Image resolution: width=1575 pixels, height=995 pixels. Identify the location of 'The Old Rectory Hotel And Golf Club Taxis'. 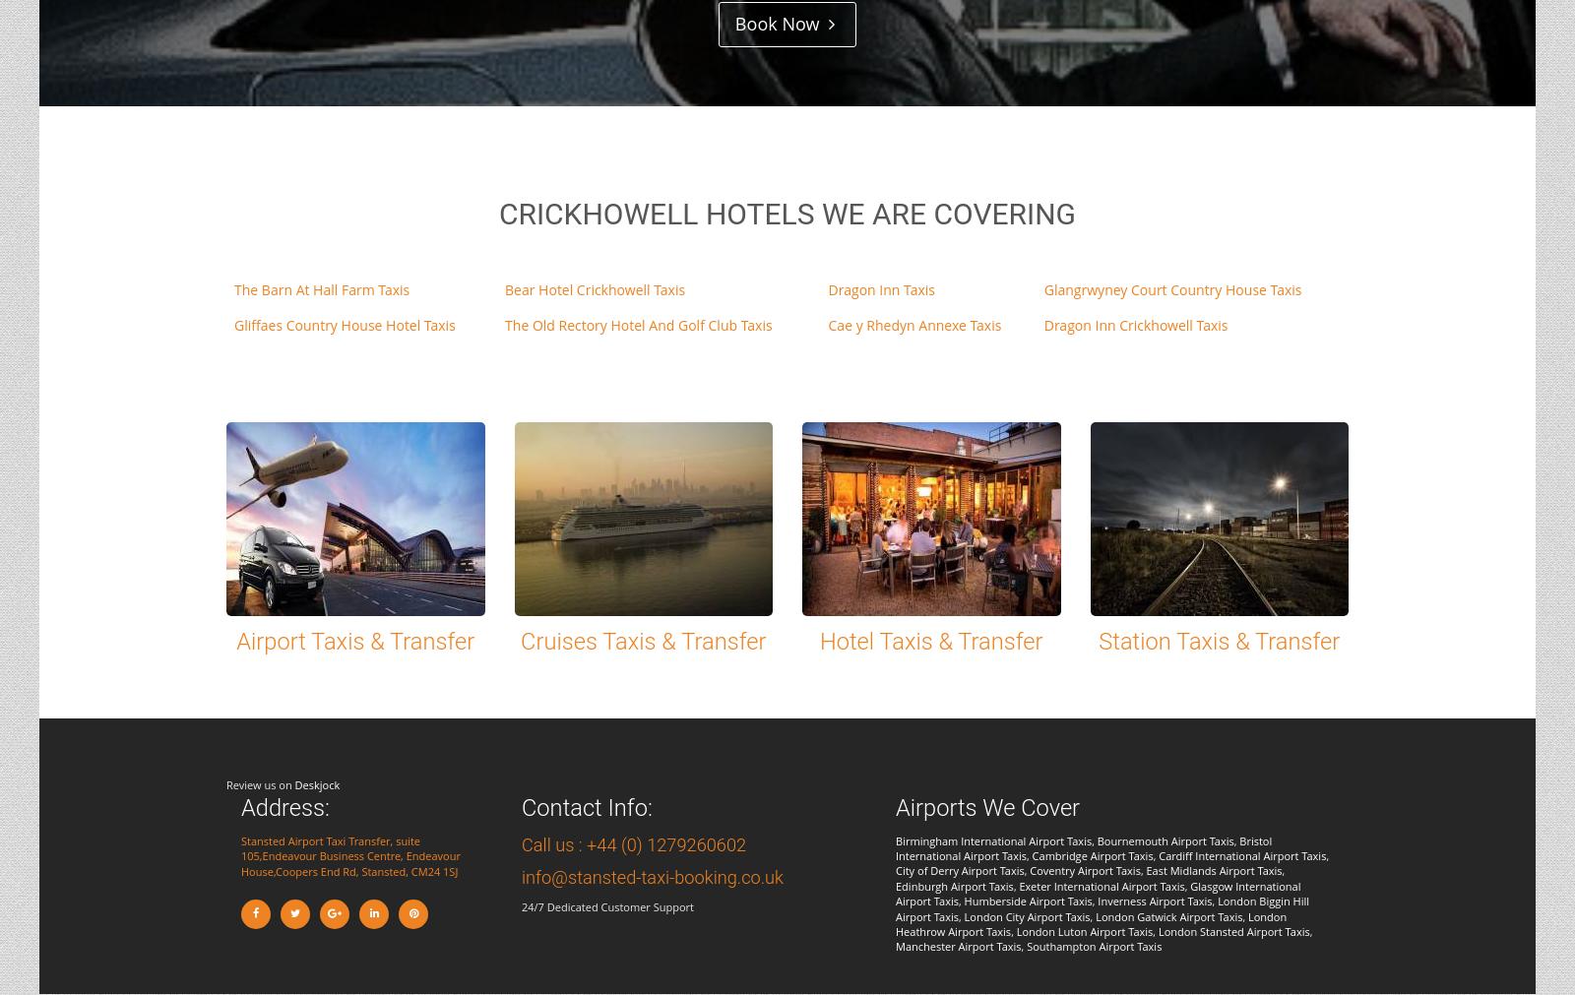
(638, 324).